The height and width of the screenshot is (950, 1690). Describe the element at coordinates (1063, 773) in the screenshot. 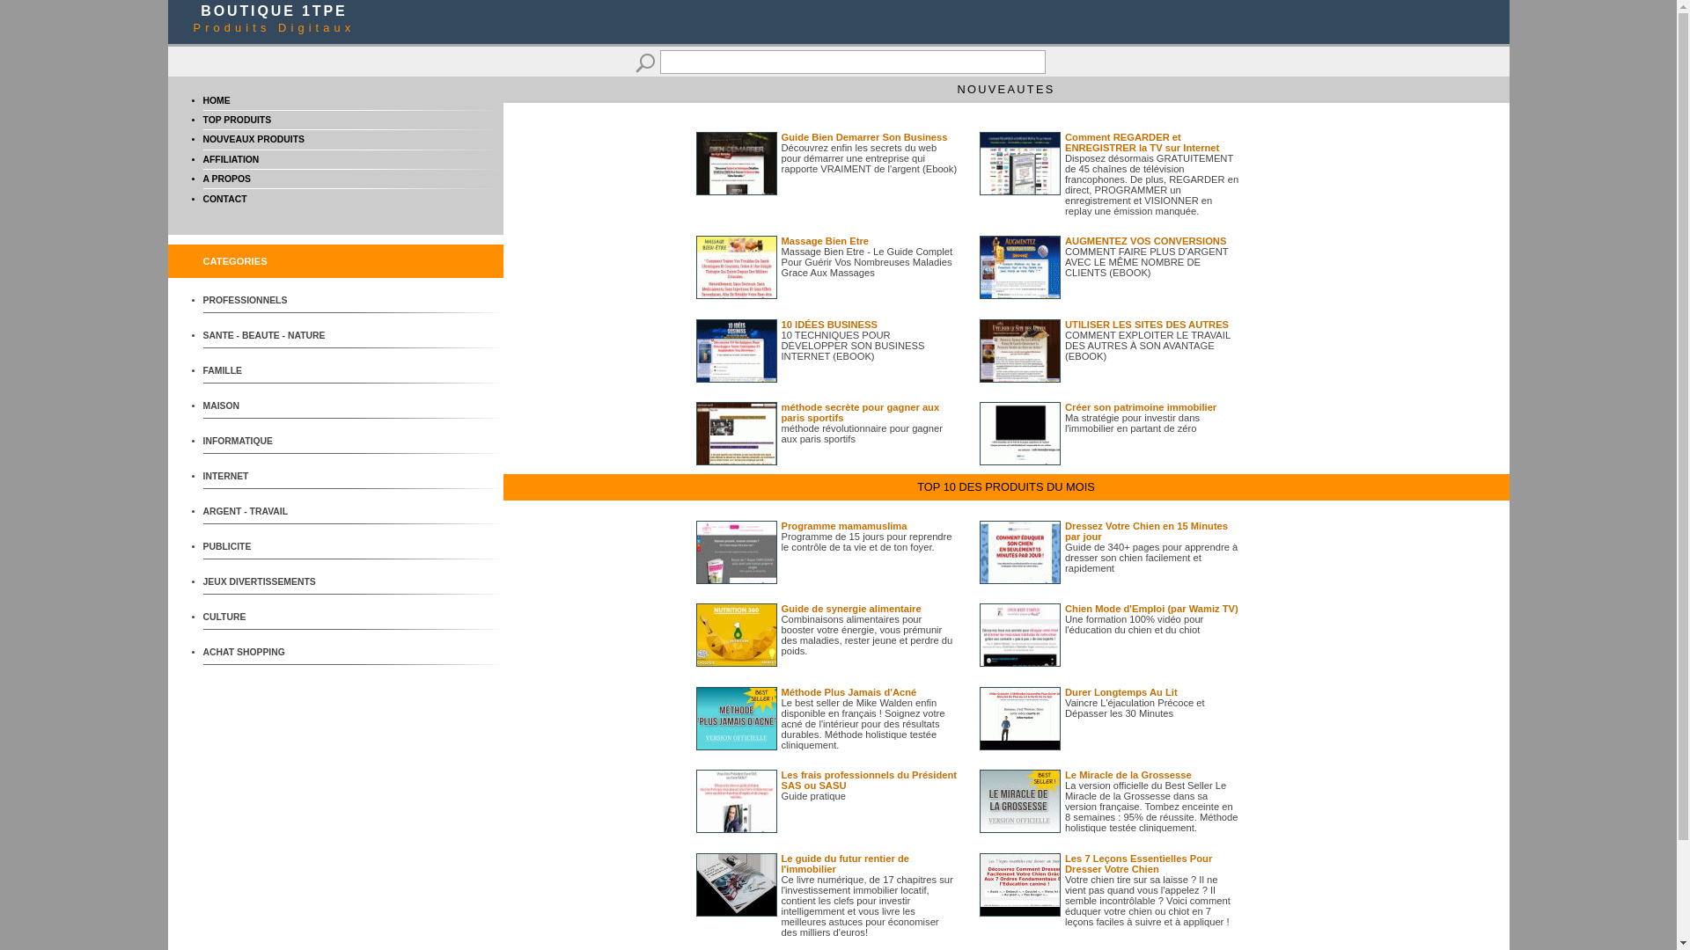

I see `'Le Miracle de la Grossesse'` at that location.